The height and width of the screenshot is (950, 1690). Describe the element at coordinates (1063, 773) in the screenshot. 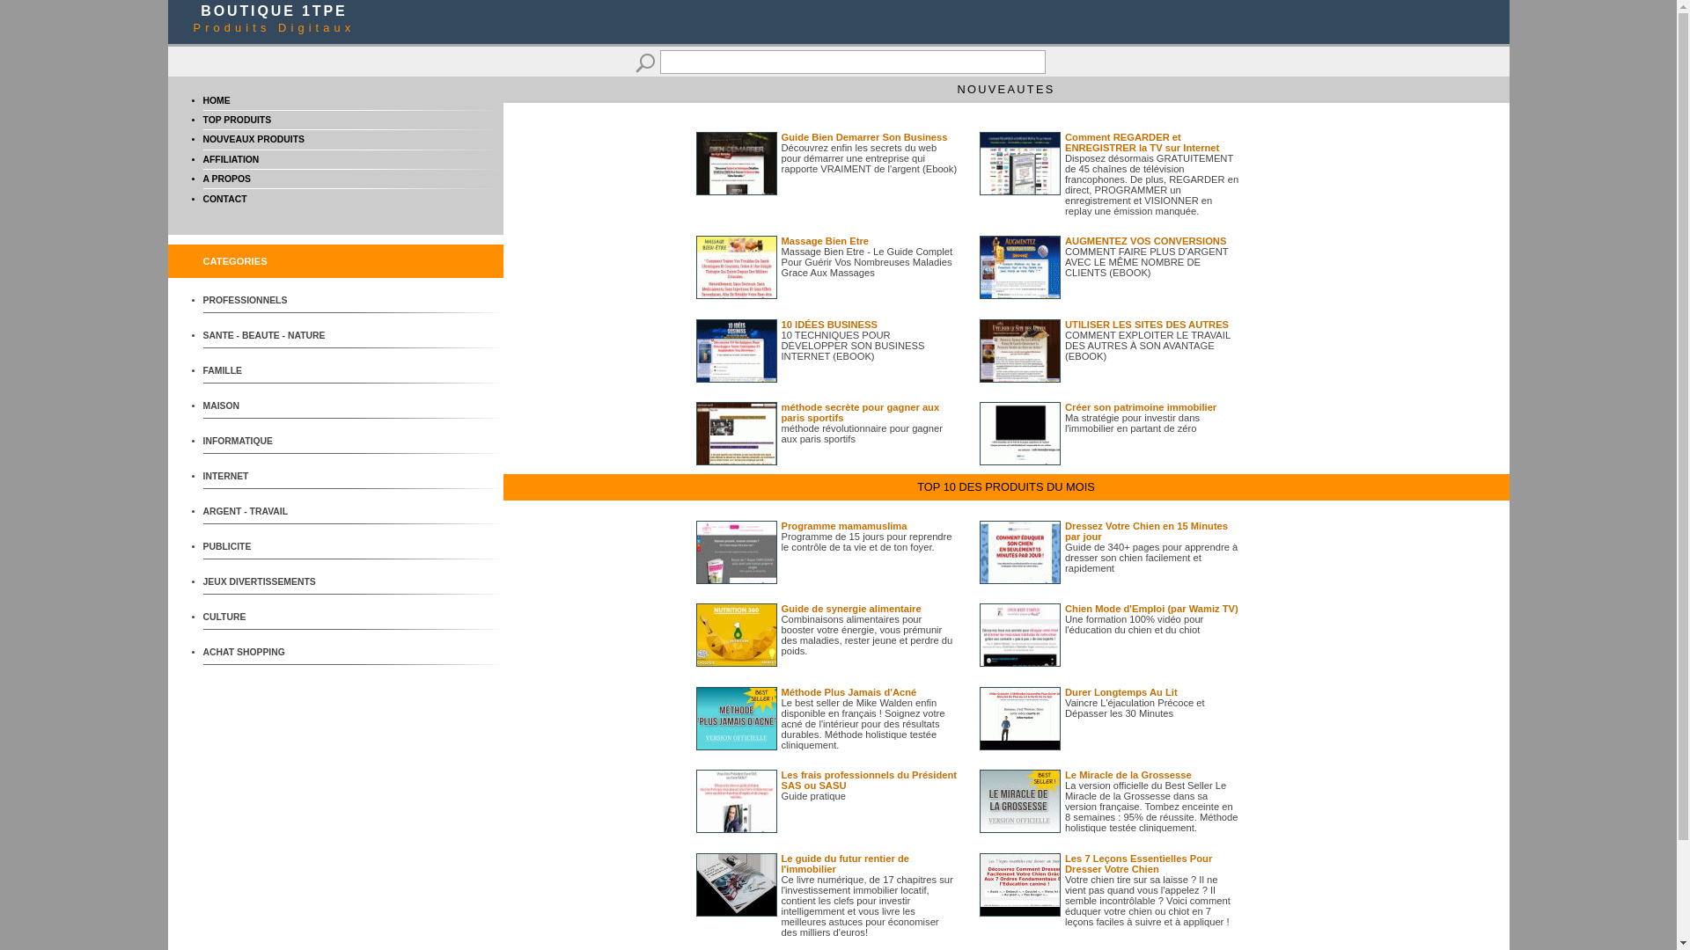

I see `'Le Miracle de la Grossesse'` at that location.